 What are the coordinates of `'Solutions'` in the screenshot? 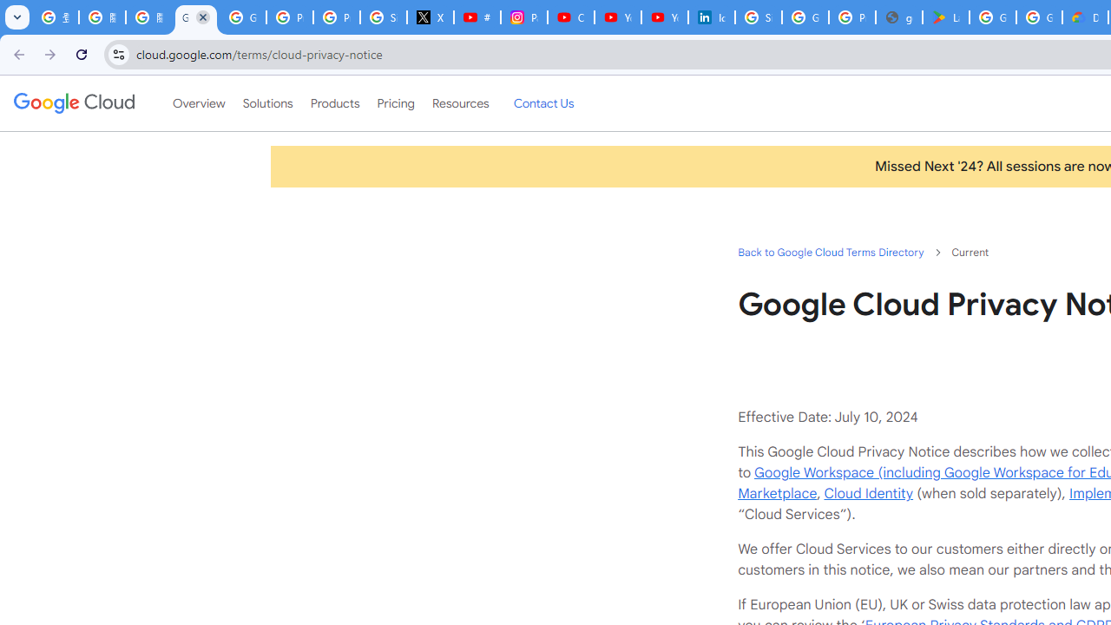 It's located at (266, 103).